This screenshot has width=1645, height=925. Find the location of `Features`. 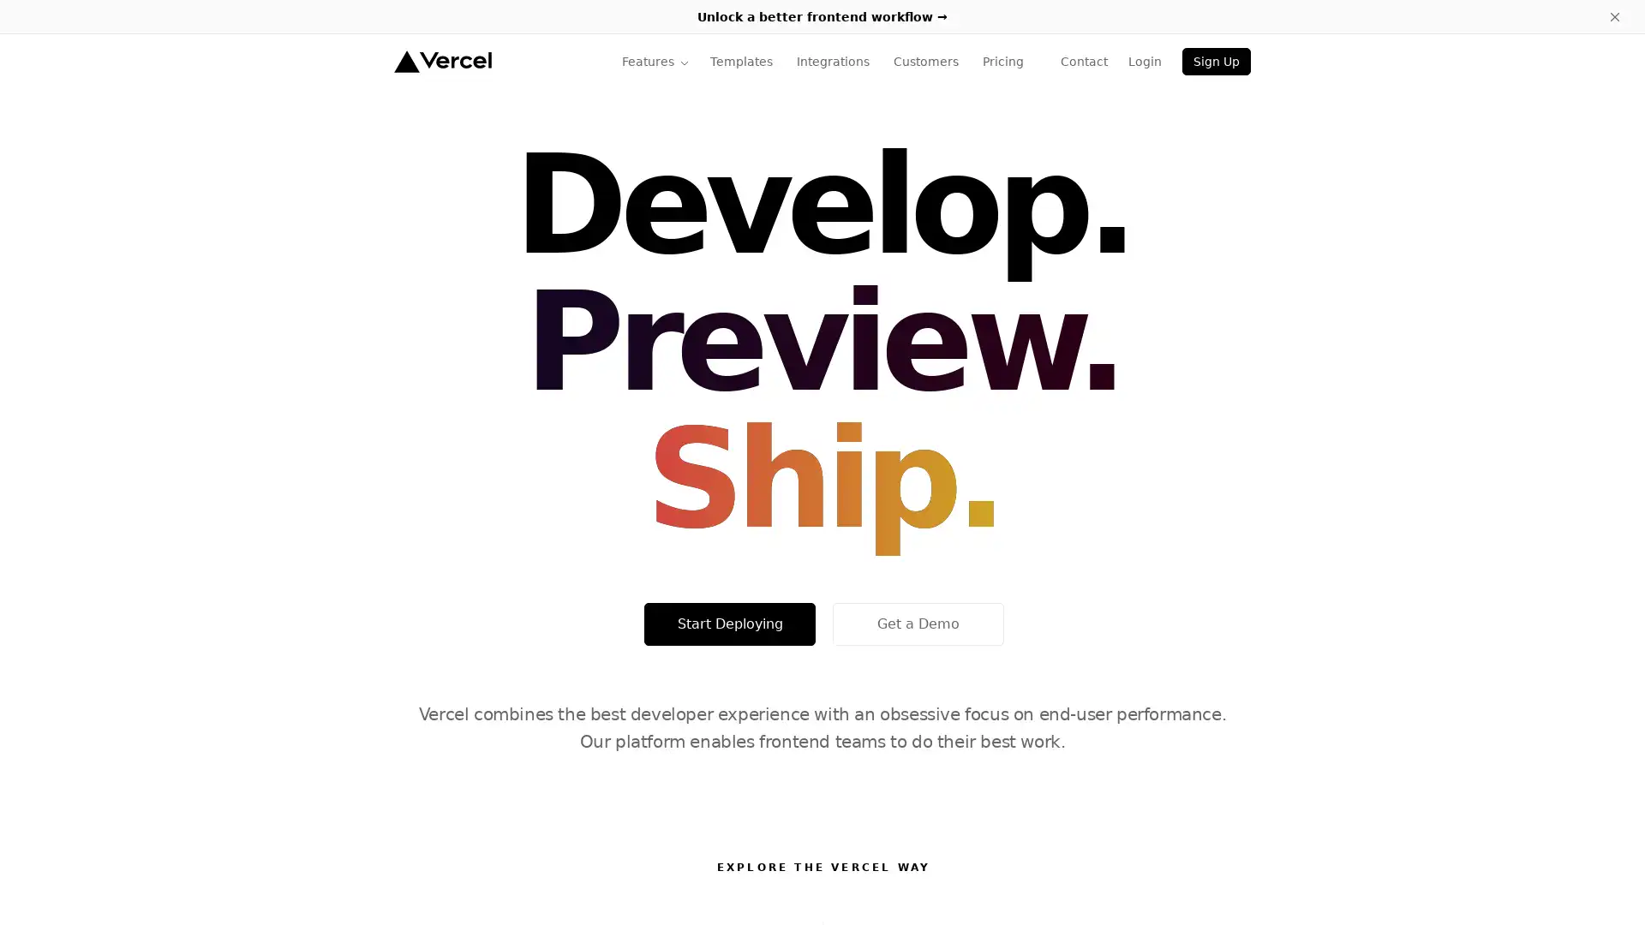

Features is located at coordinates (655, 61).